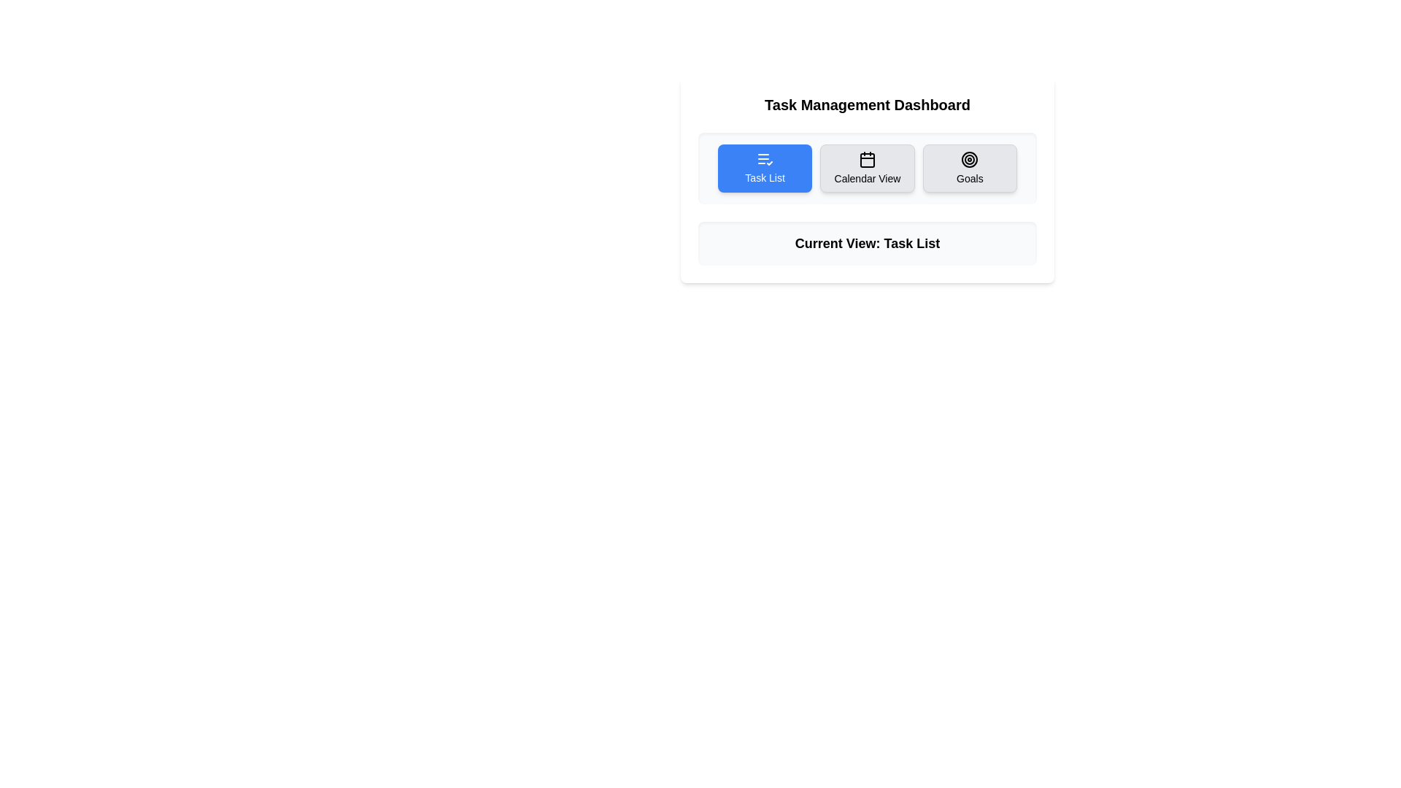 This screenshot has height=788, width=1401. I want to click on the 'Calendar View' button, which is a rectangular button with rounded corners, styled with a light gray background and featuring a black outlined calendar icon above the text 'Calendar View.', so click(868, 168).